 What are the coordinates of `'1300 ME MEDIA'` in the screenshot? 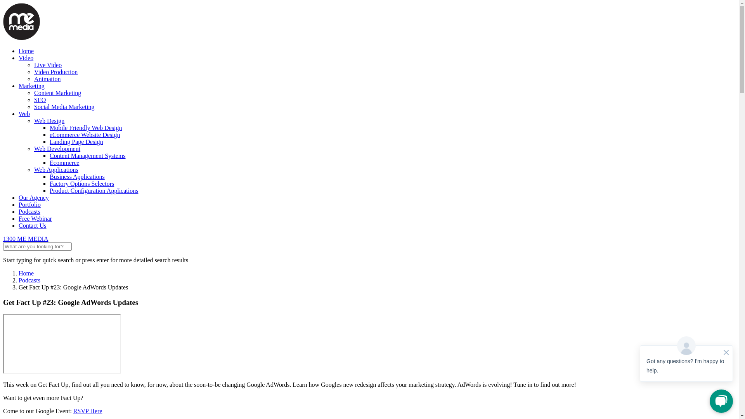 It's located at (26, 238).